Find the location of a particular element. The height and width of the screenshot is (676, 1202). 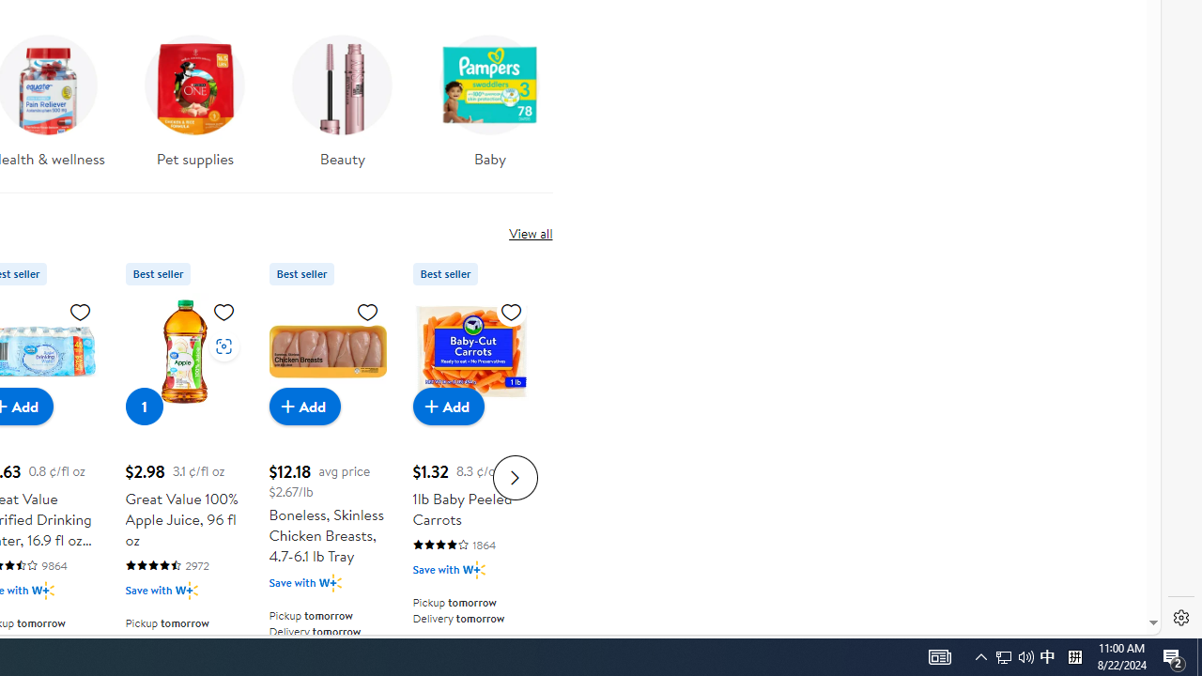

'Pet supplies' is located at coordinates (195, 95).